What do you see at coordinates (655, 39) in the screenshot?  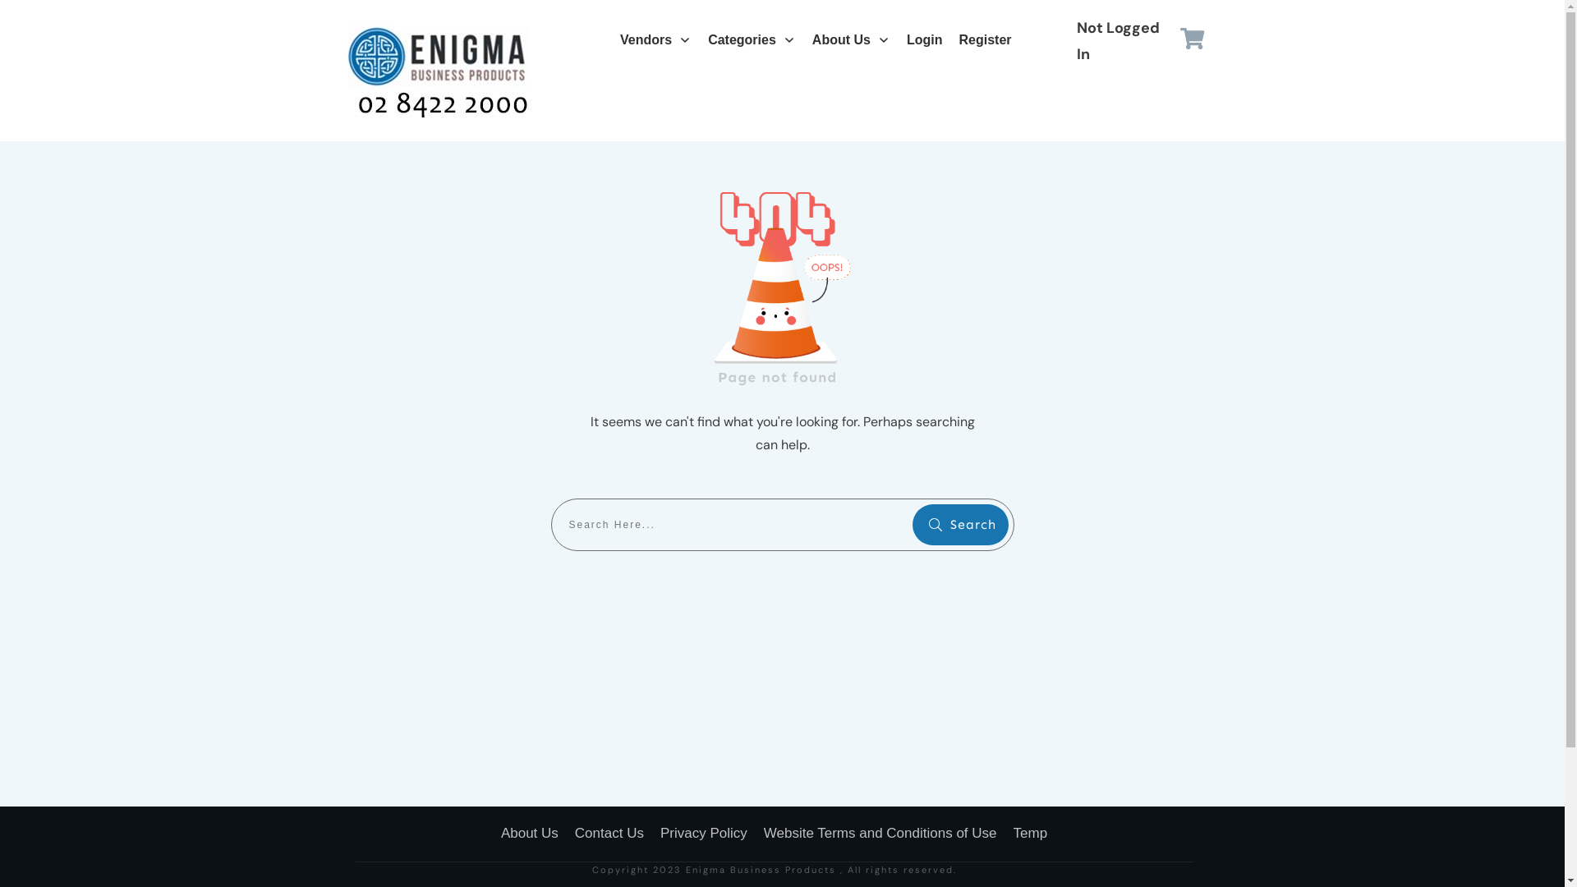 I see `'Vendors'` at bounding box center [655, 39].